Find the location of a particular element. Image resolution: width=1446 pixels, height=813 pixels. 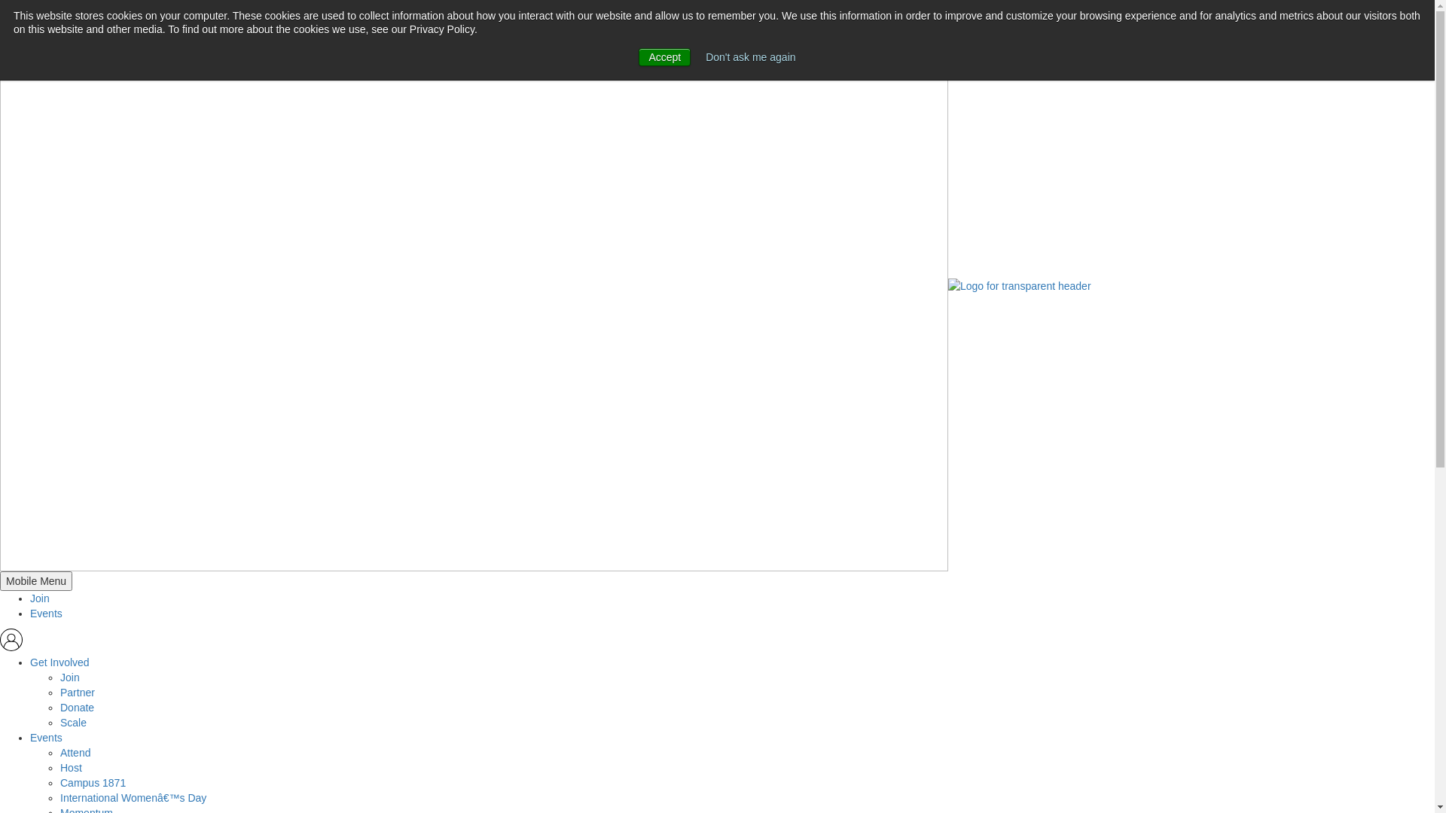

'Partner' is located at coordinates (76, 693).